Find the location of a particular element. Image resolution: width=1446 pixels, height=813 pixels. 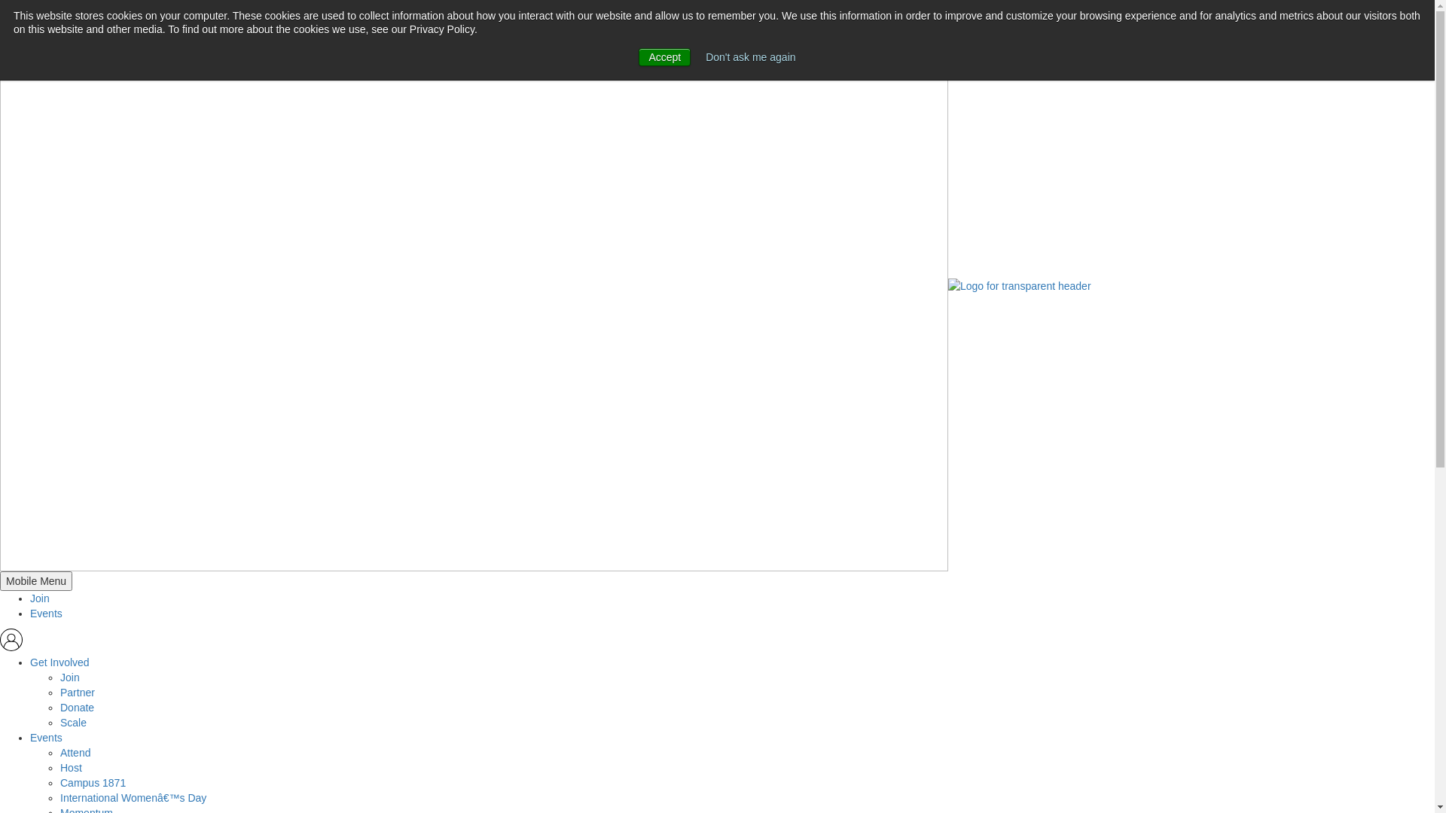

'Partner' is located at coordinates (76, 693).